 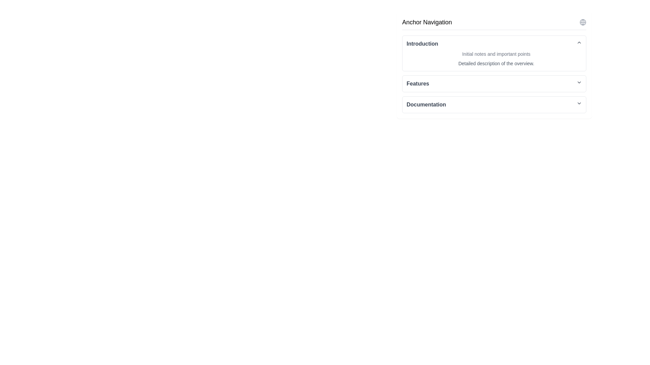 I want to click on the static text element labeled 'Initial notes and important points' located in the introduction section of the content panel, so click(x=496, y=53).